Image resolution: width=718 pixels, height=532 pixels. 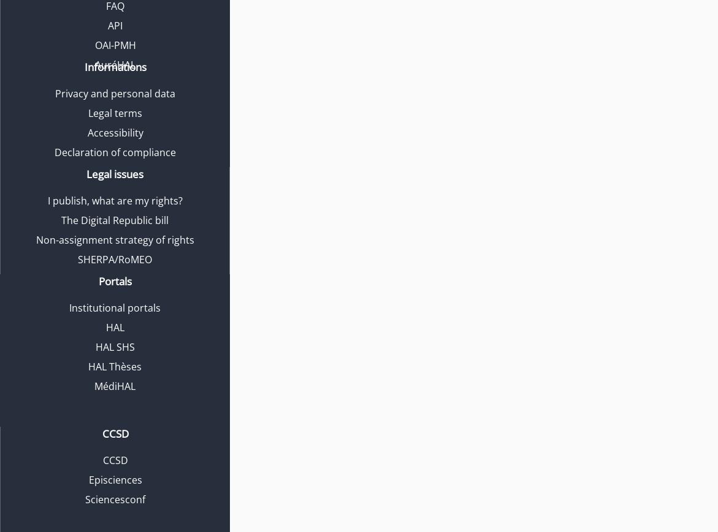 What do you see at coordinates (114, 200) in the screenshot?
I see `'I publish, what are my rights?'` at bounding box center [114, 200].